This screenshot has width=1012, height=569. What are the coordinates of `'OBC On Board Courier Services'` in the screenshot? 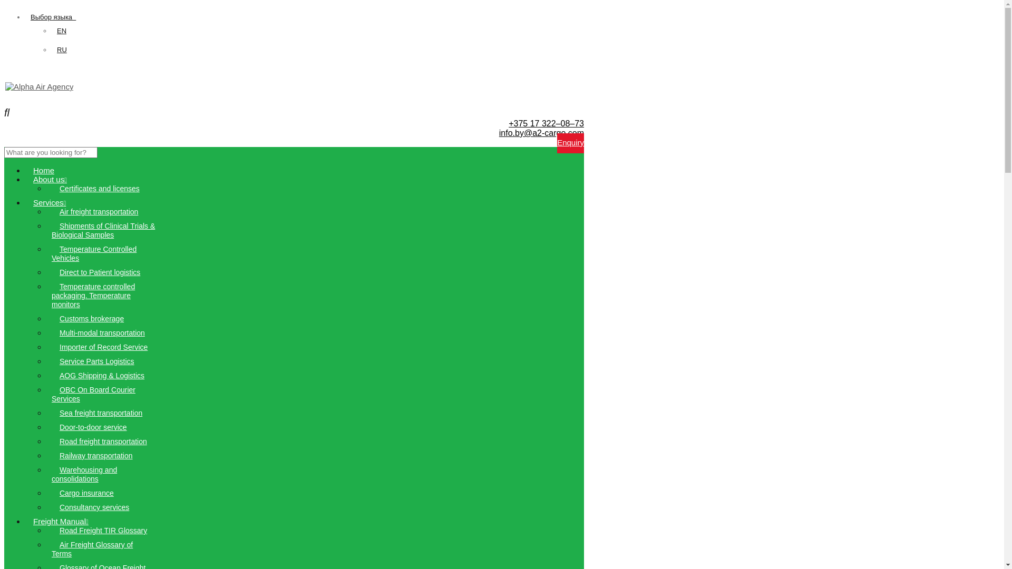 It's located at (93, 394).